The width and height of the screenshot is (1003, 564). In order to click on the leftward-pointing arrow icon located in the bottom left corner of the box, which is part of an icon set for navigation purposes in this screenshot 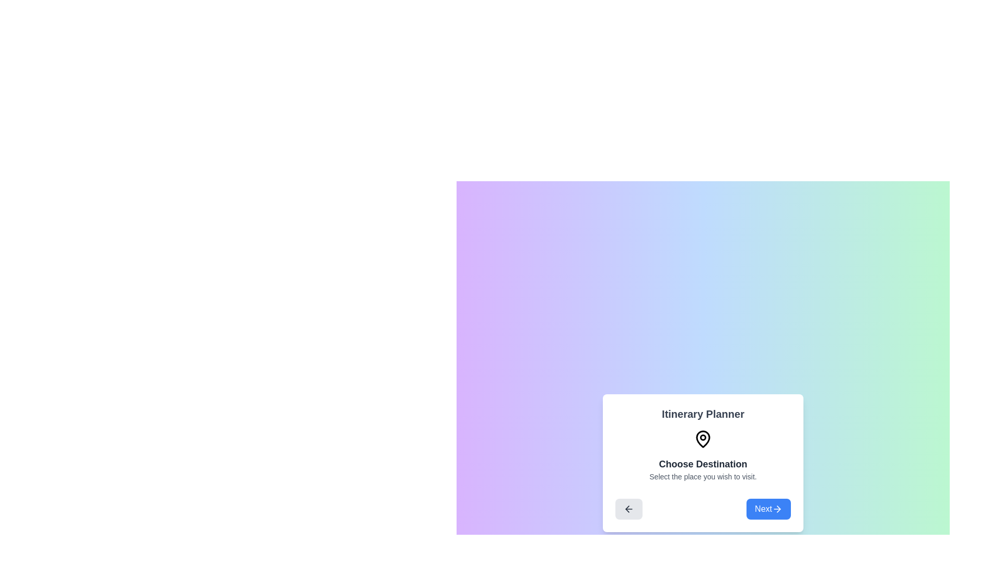, I will do `click(627, 509)`.